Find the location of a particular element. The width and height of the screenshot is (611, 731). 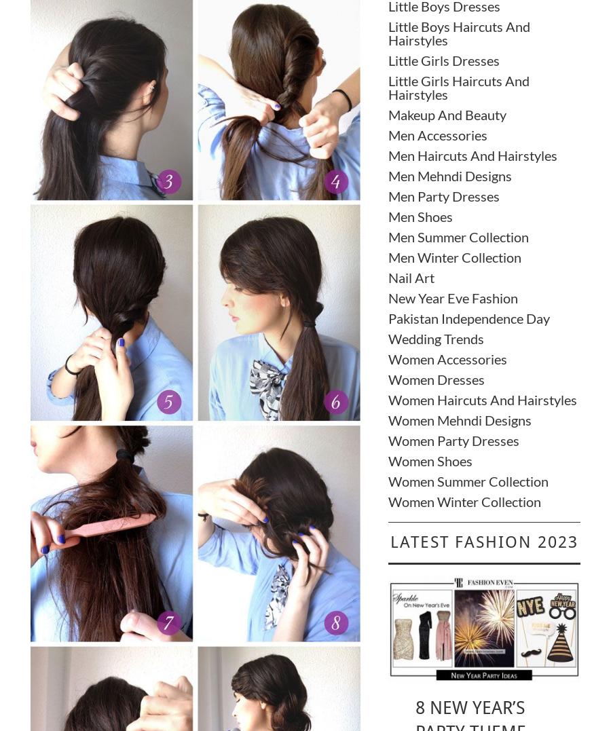

'Makeup And Beauty' is located at coordinates (387, 113).